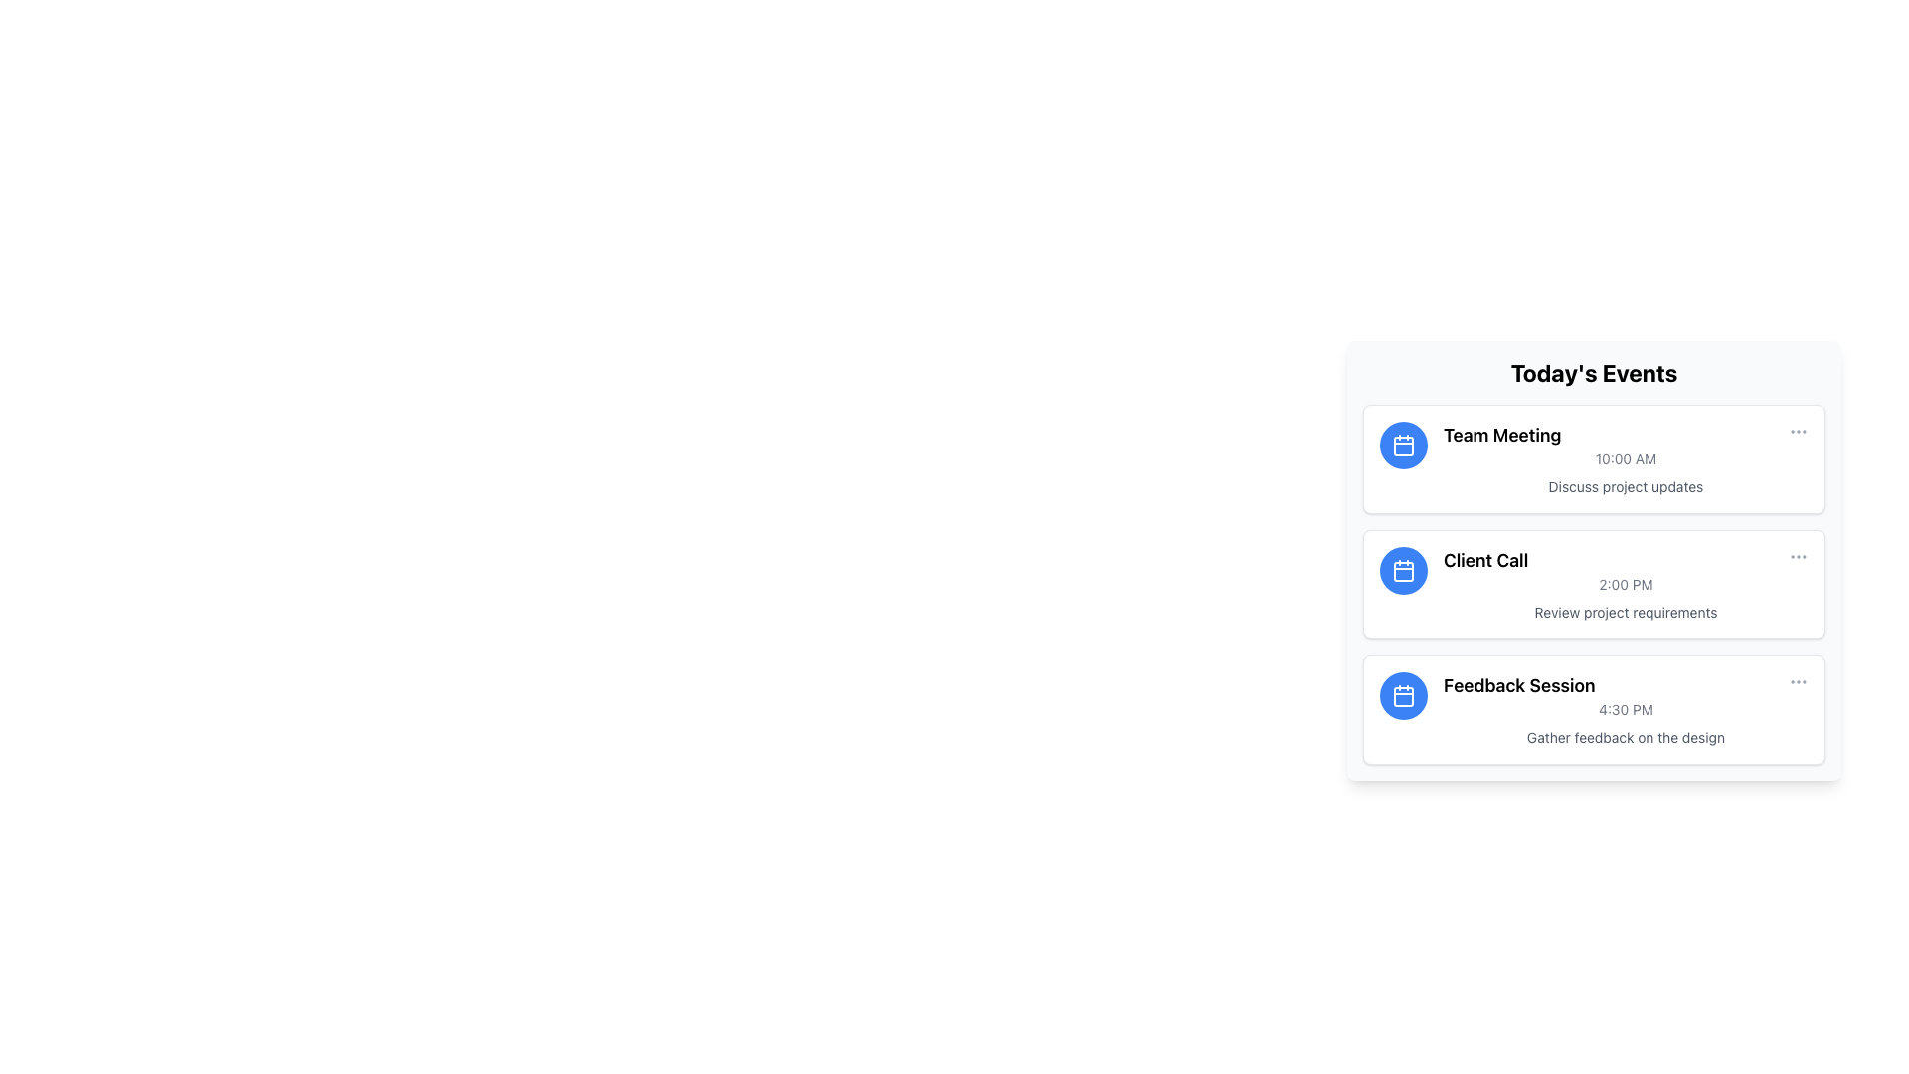  I want to click on the 'Feedback Session' event listing, so click(1626, 708).